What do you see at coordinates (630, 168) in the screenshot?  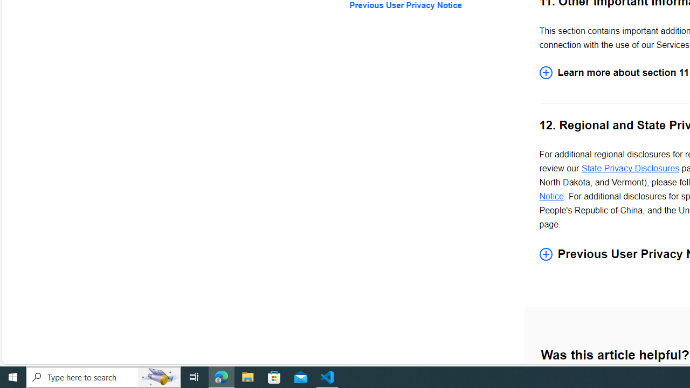 I see `'State Privacy Disclosures - opens in new window or tab'` at bounding box center [630, 168].